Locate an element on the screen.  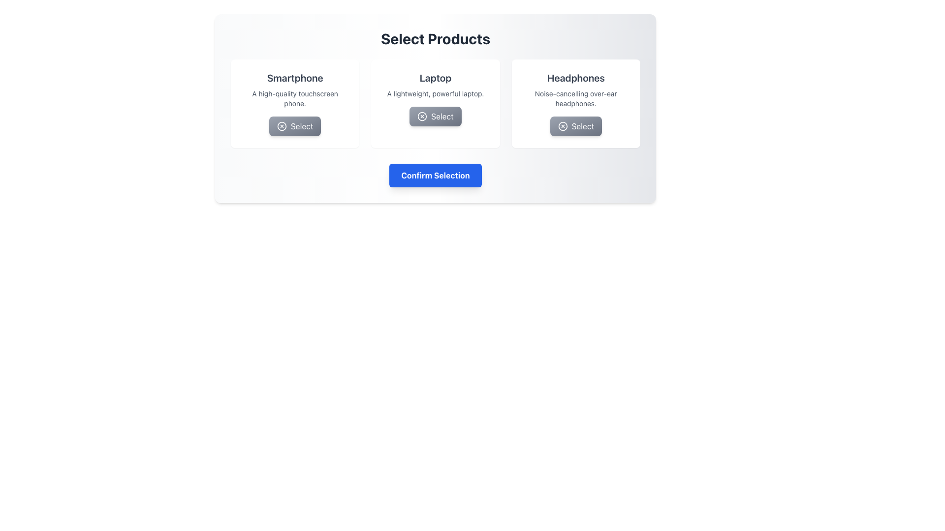
the horizontally elongated button with a gray gradient background labeled 'Select' is located at coordinates (435, 116).